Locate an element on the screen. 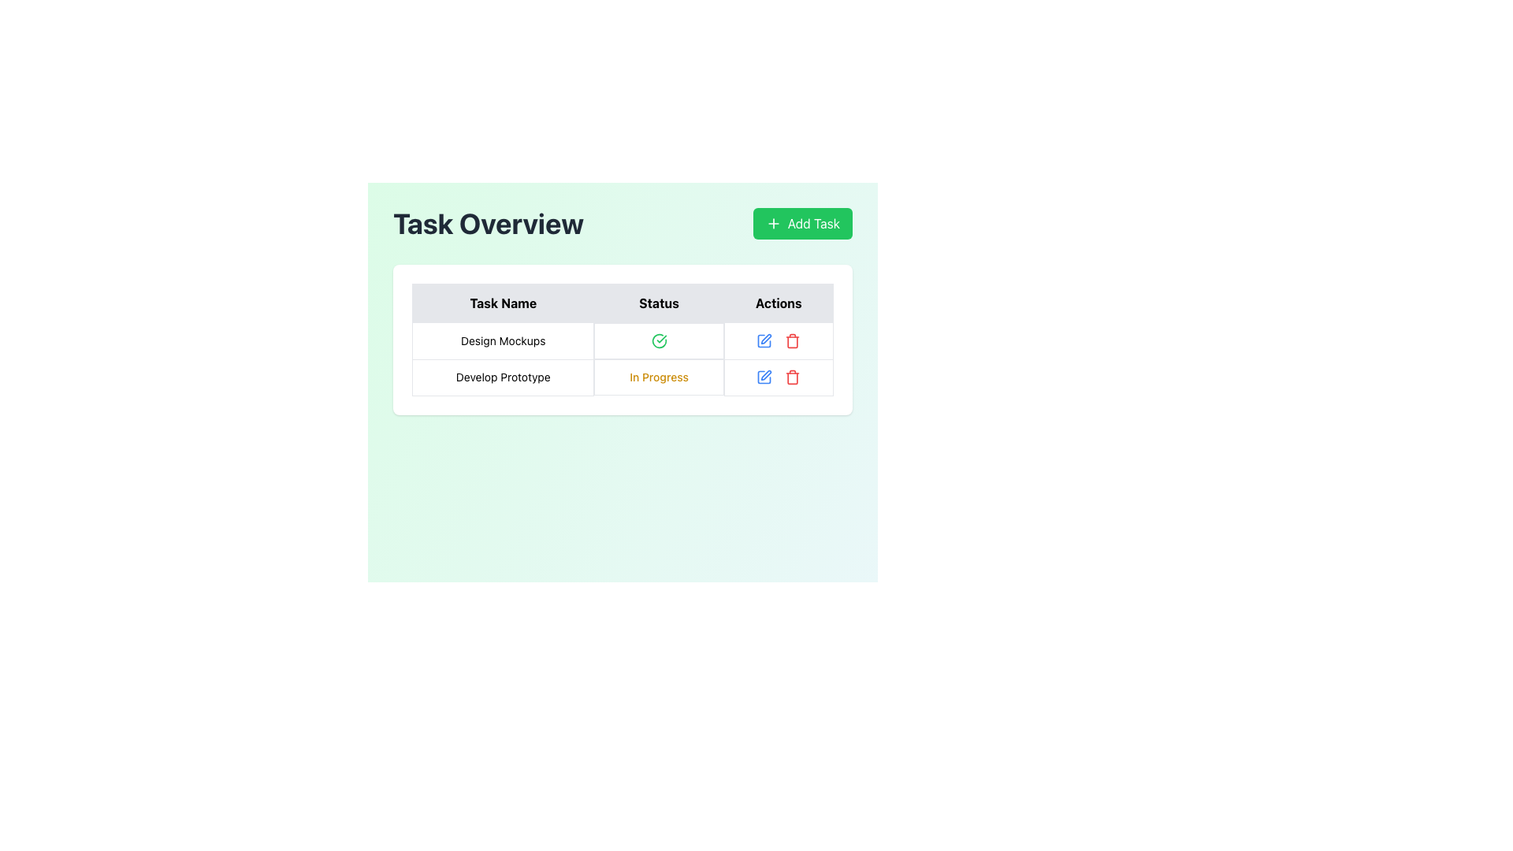  the Table Header Cell, which is the first column header of the table providing labels for task names, located at the leftmost side of the table is located at coordinates (502, 303).